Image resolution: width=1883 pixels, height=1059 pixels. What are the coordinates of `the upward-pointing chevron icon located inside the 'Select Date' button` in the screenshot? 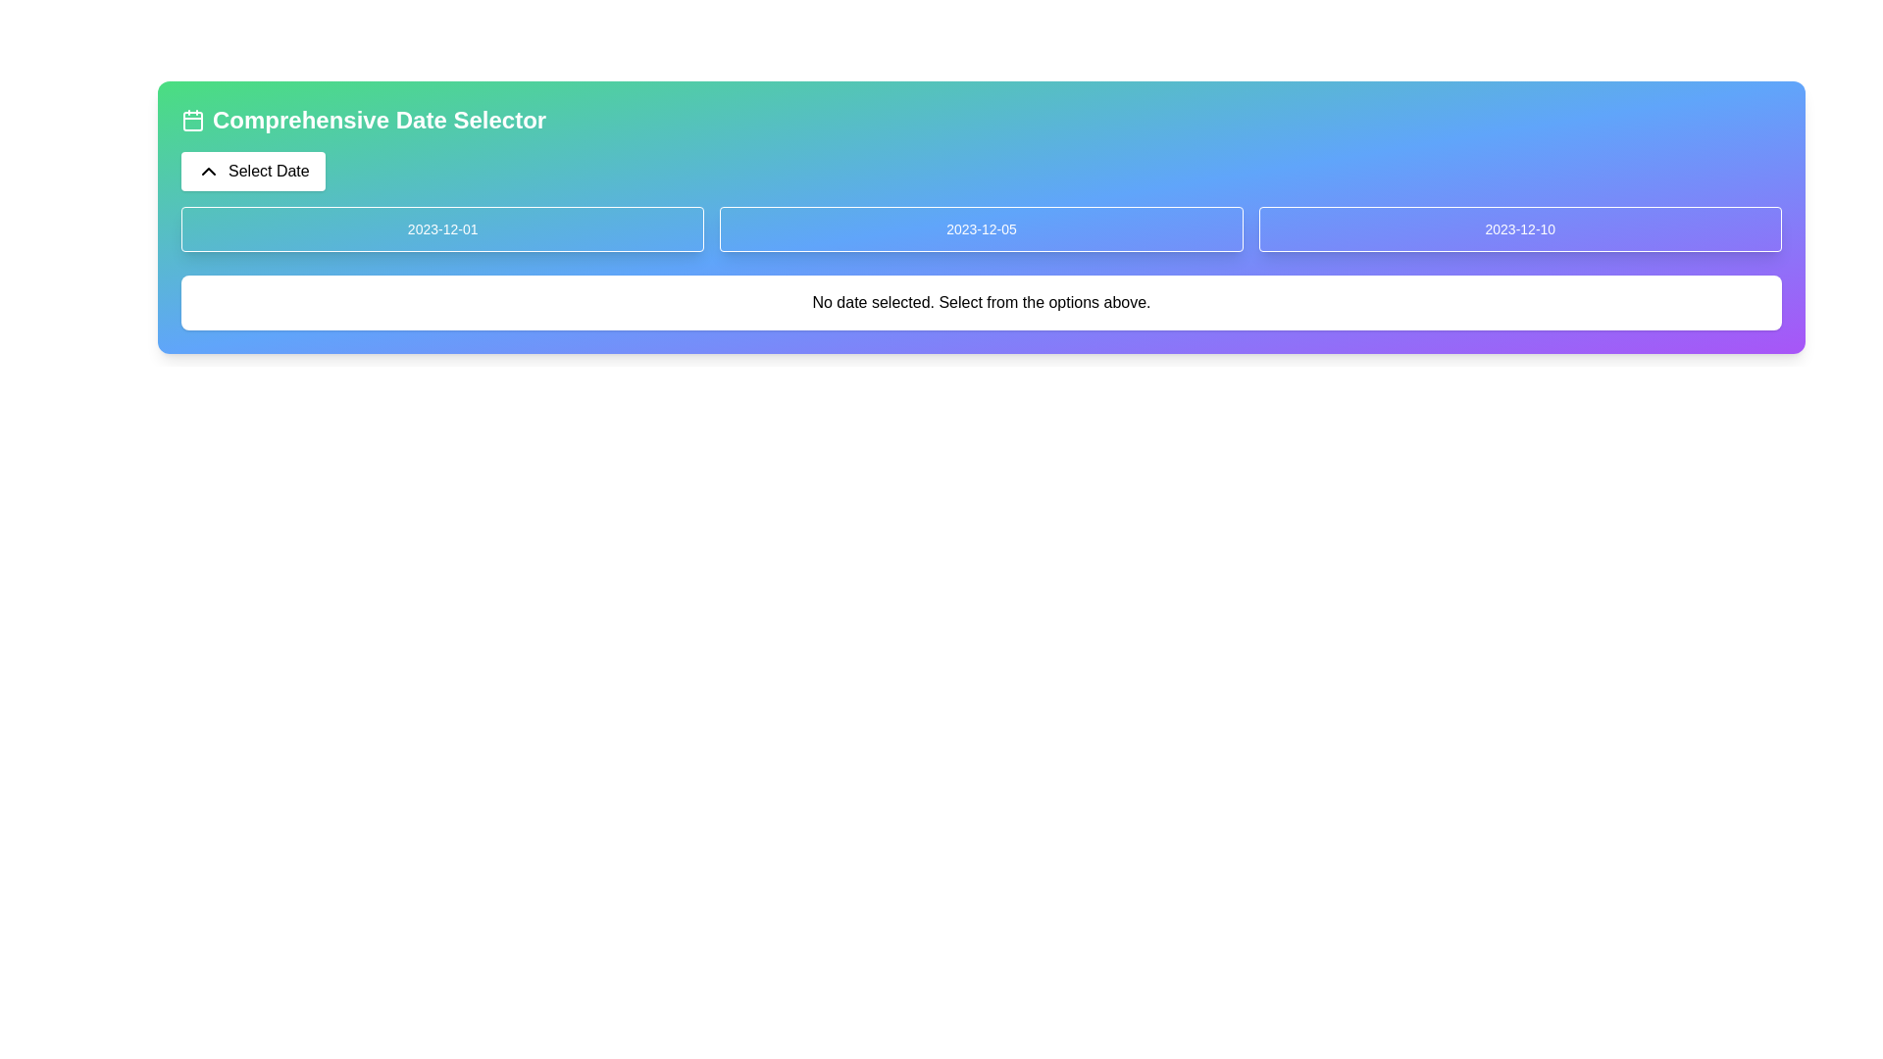 It's located at (208, 170).